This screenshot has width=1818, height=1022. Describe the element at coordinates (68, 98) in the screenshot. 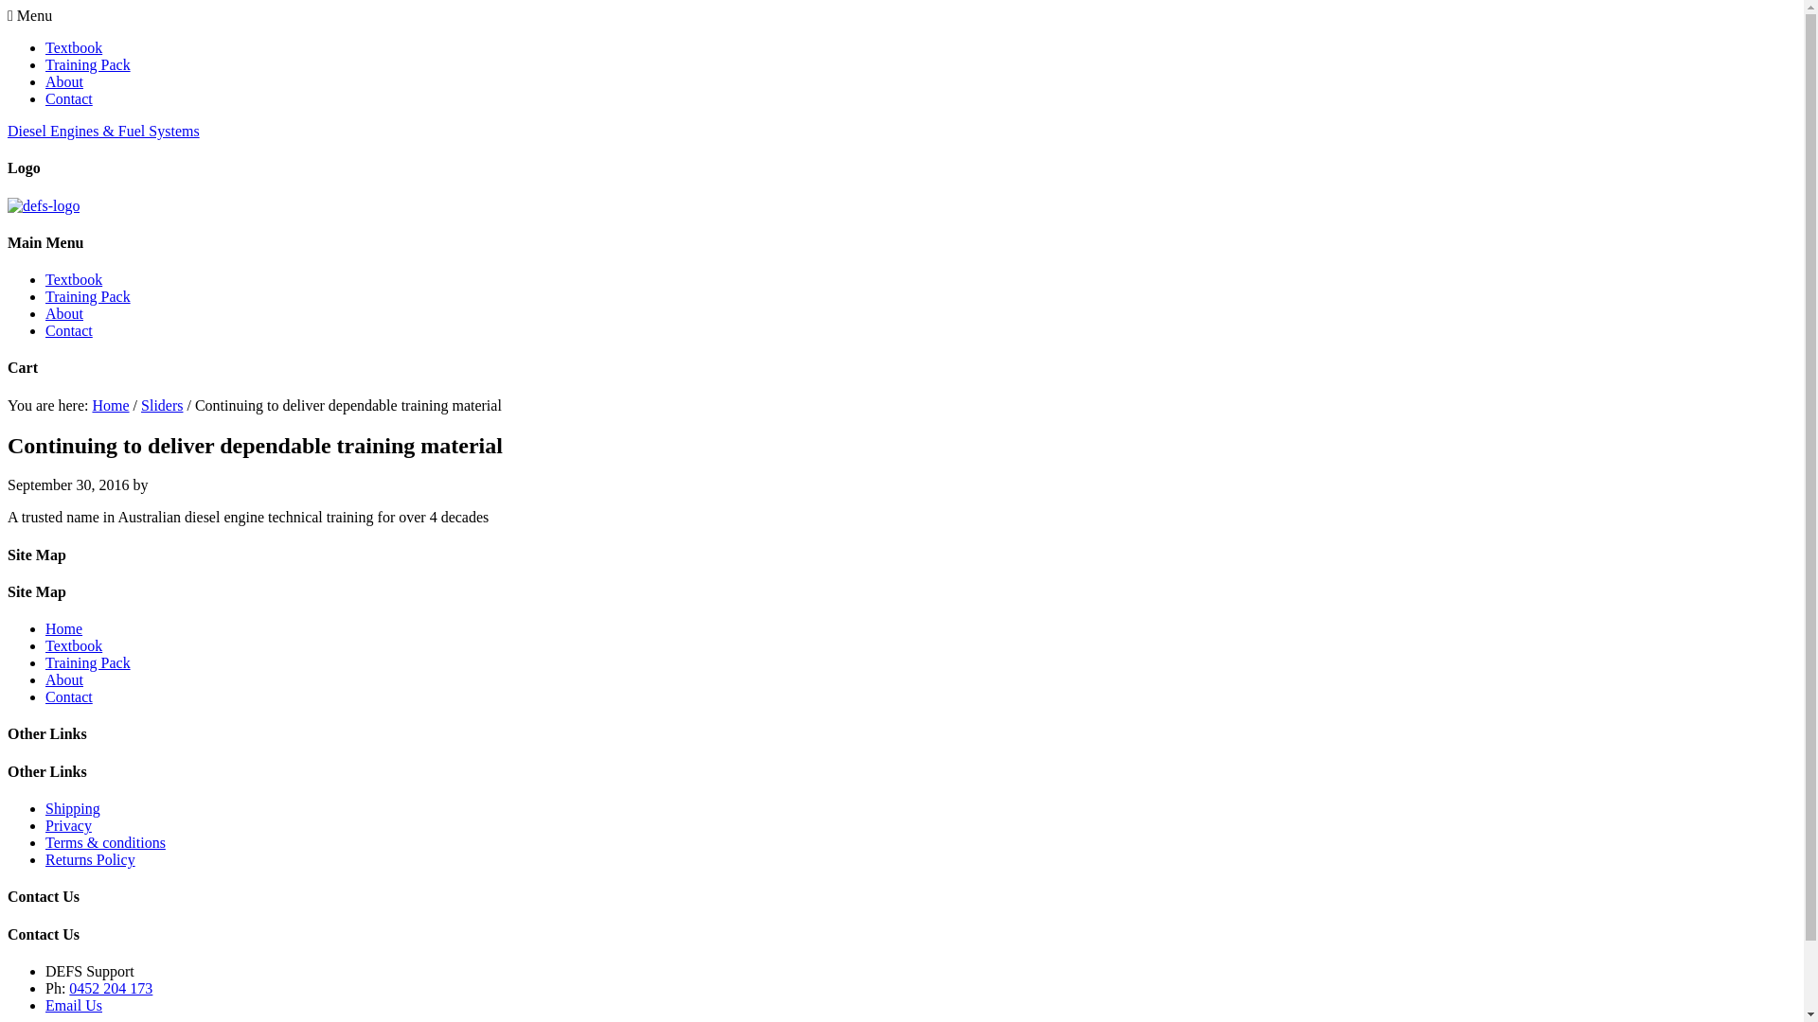

I see `'Contact'` at that location.